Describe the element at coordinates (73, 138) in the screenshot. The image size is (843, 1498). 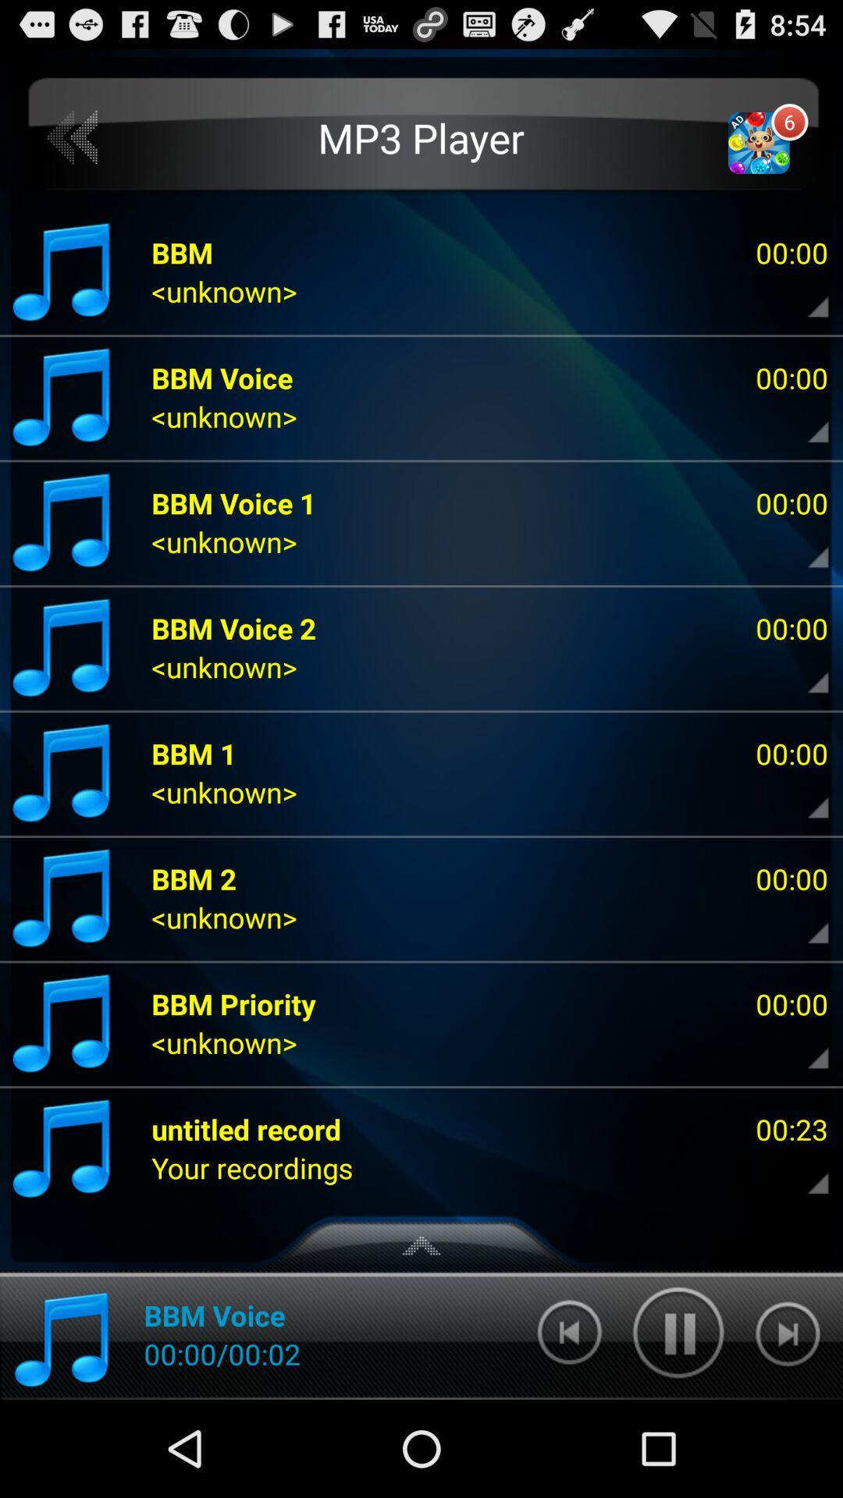
I see `go back` at that location.